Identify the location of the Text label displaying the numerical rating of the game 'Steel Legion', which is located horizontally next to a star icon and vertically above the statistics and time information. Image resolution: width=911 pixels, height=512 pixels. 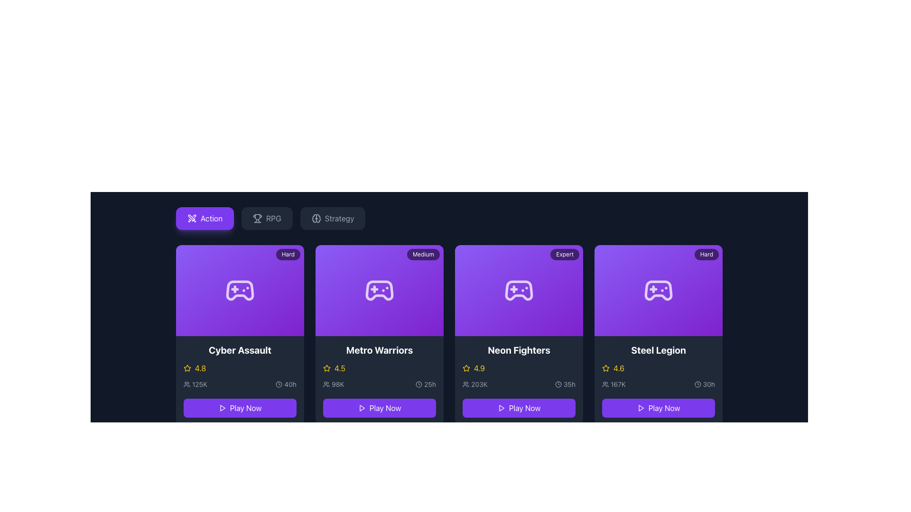
(619, 367).